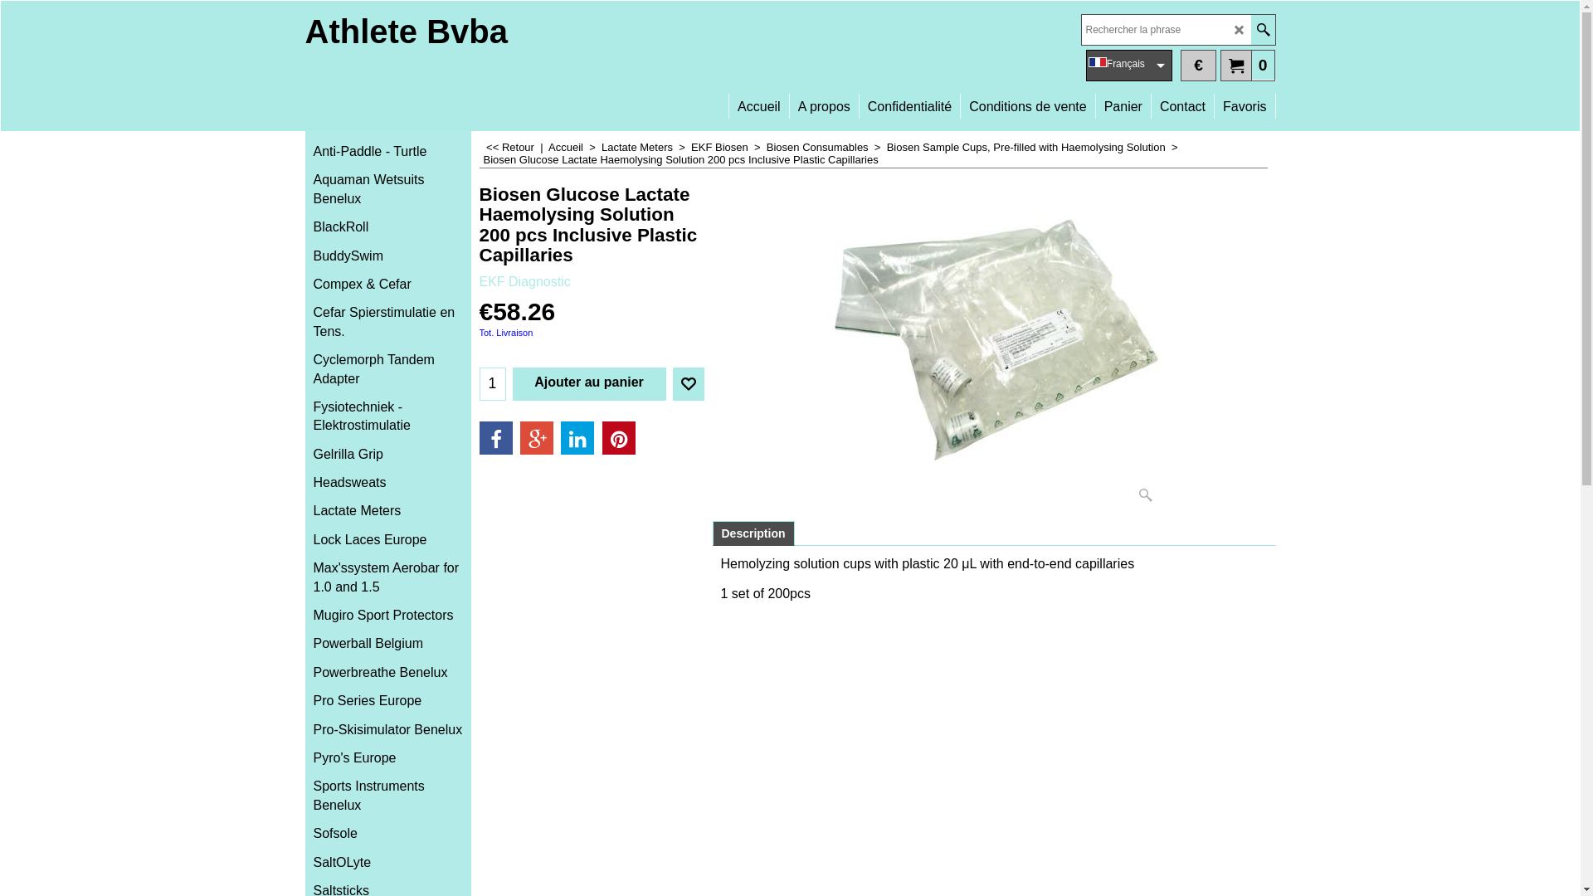 The image size is (1593, 896). Describe the element at coordinates (574, 146) in the screenshot. I see `'Accueil  > '` at that location.